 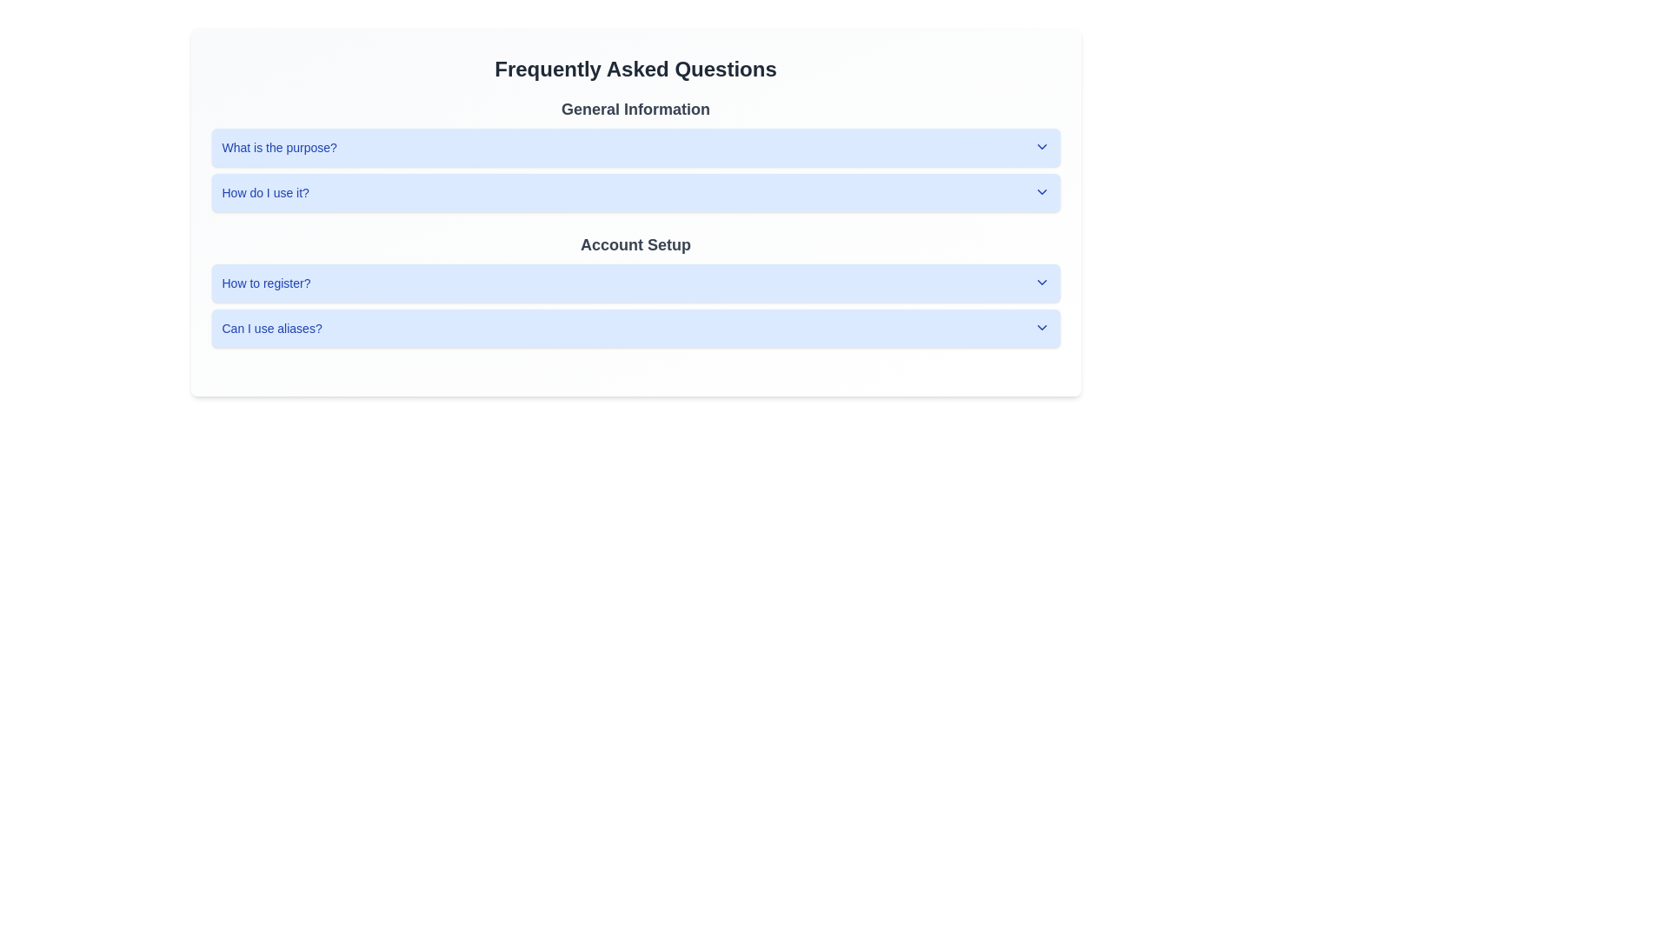 I want to click on the chevron icon located at the far-right end of the box labeled 'Can I use aliases?', so click(x=1041, y=328).